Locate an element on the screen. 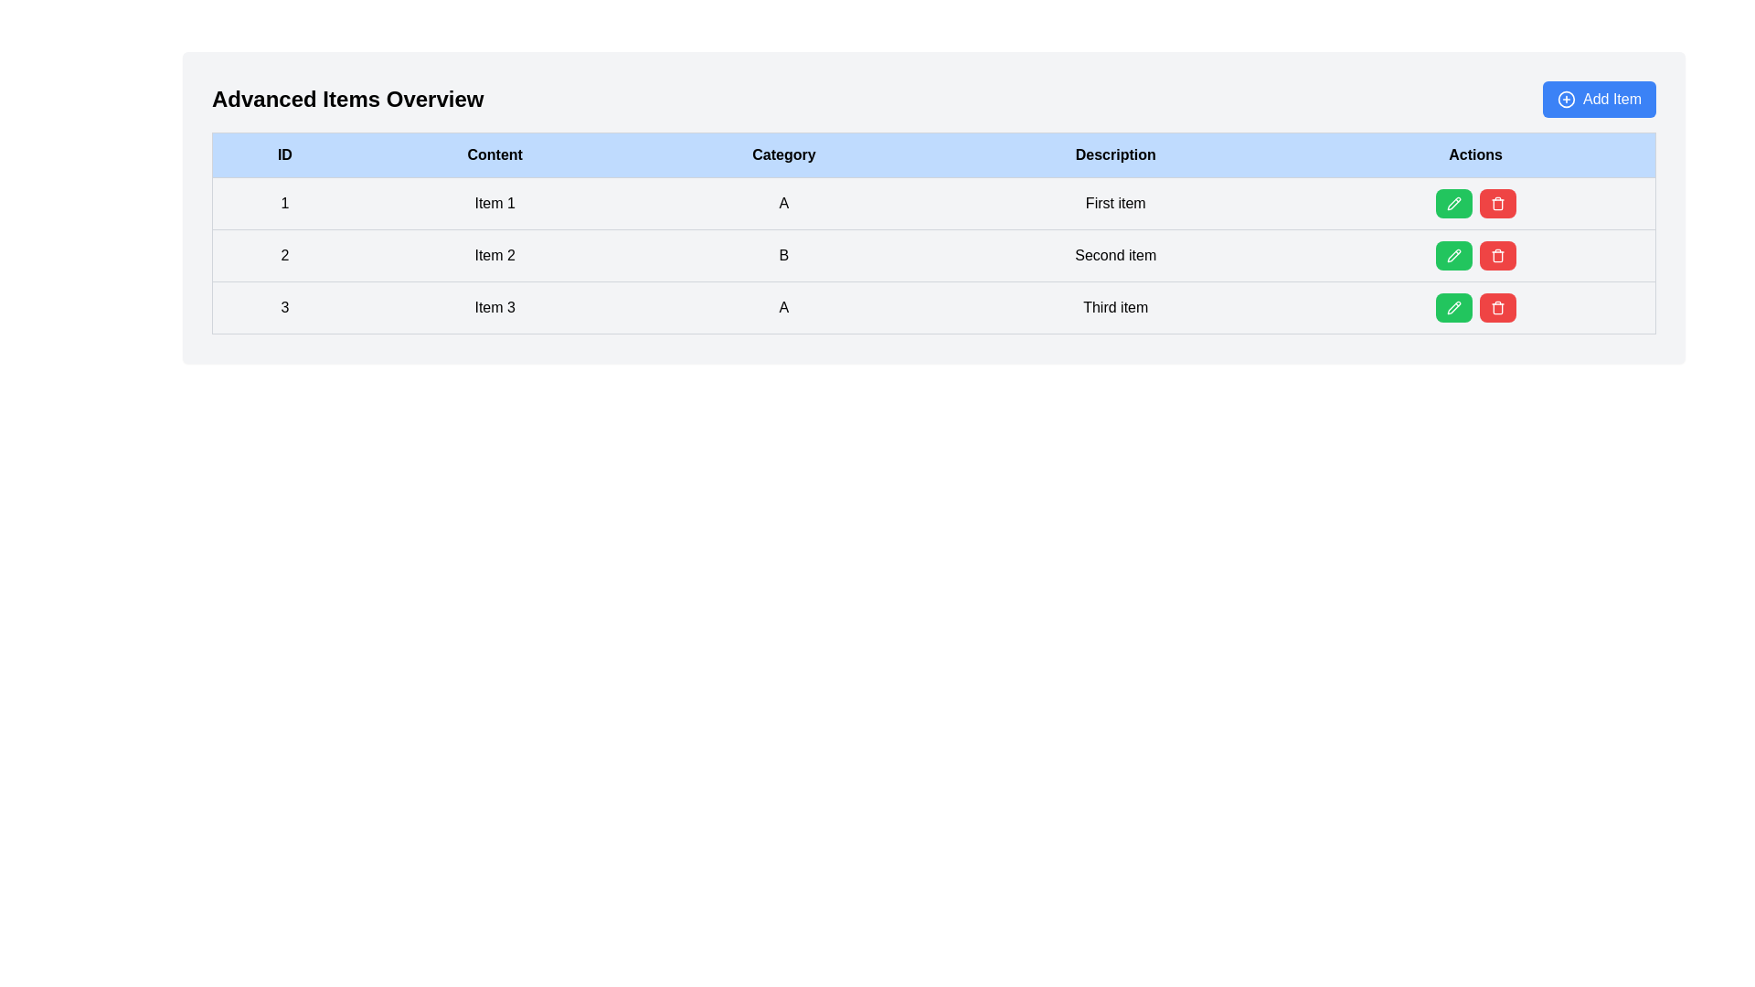  SVG icon that symbolizes the action of adding a new item, located within the 'Add Item' button at the top-right corner of the interface is located at coordinates (1565, 99).